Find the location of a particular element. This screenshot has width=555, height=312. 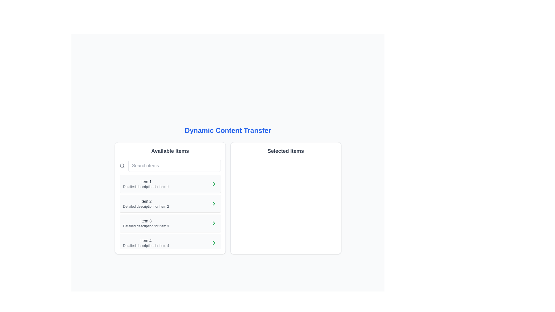

the text label displaying 'Item 2', which is styled in gray with a smaller font size and is part of the 'Available Items' section is located at coordinates (146, 201).